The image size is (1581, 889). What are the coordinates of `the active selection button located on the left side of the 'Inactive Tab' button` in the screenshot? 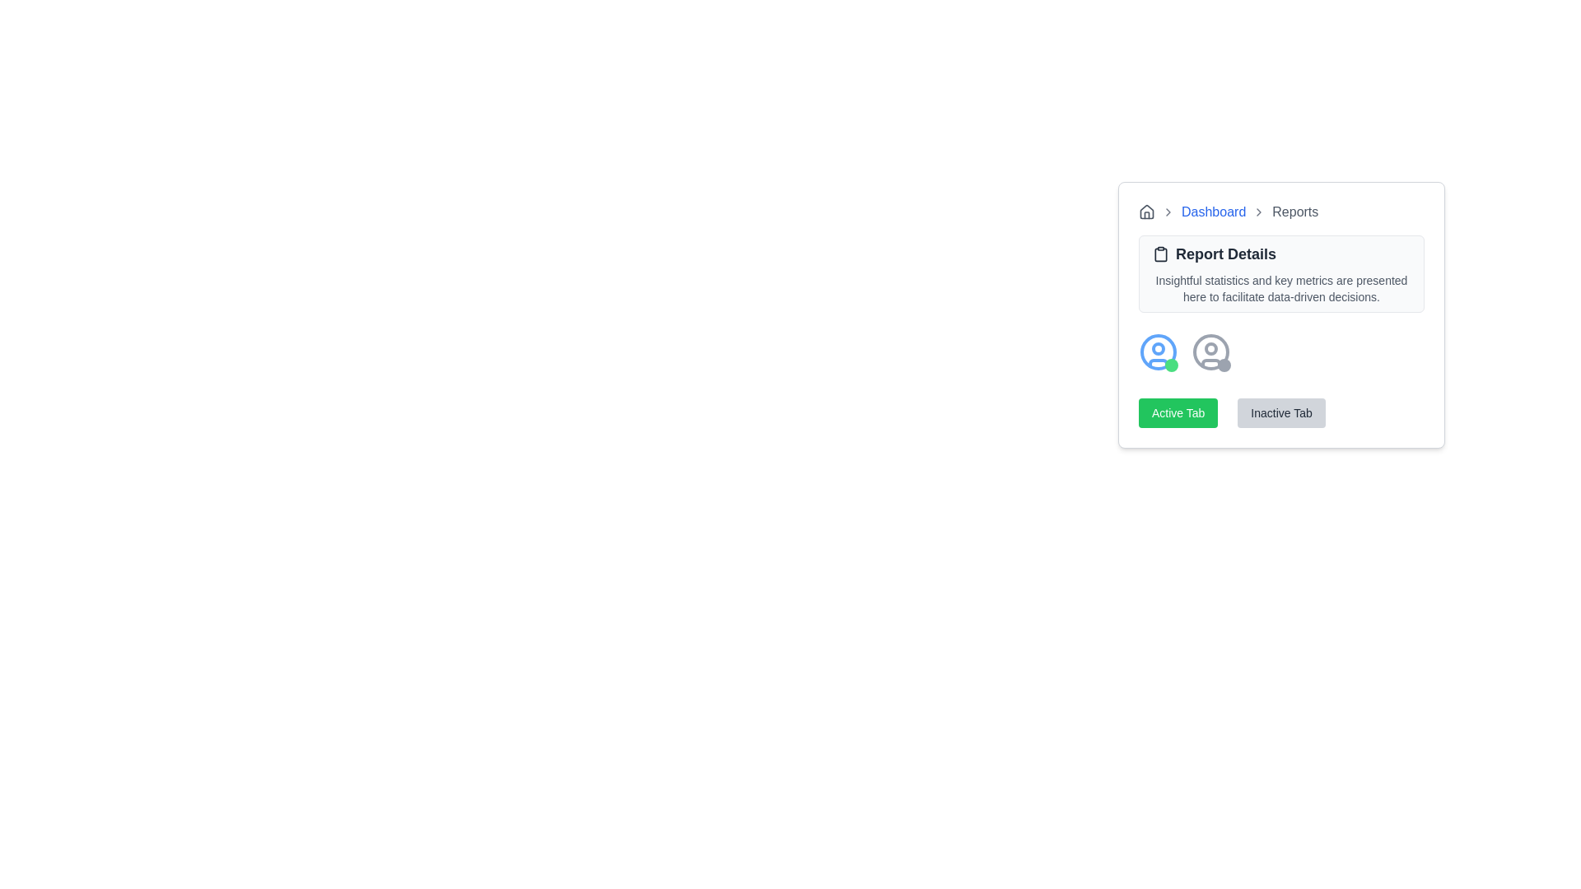 It's located at (1178, 412).